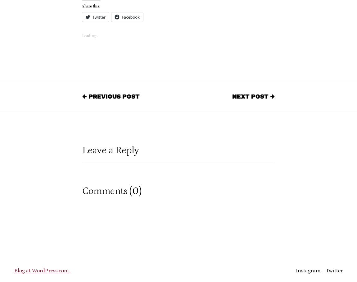 This screenshot has height=282, width=357. Describe the element at coordinates (111, 150) in the screenshot. I see `'Leave a Reply'` at that location.